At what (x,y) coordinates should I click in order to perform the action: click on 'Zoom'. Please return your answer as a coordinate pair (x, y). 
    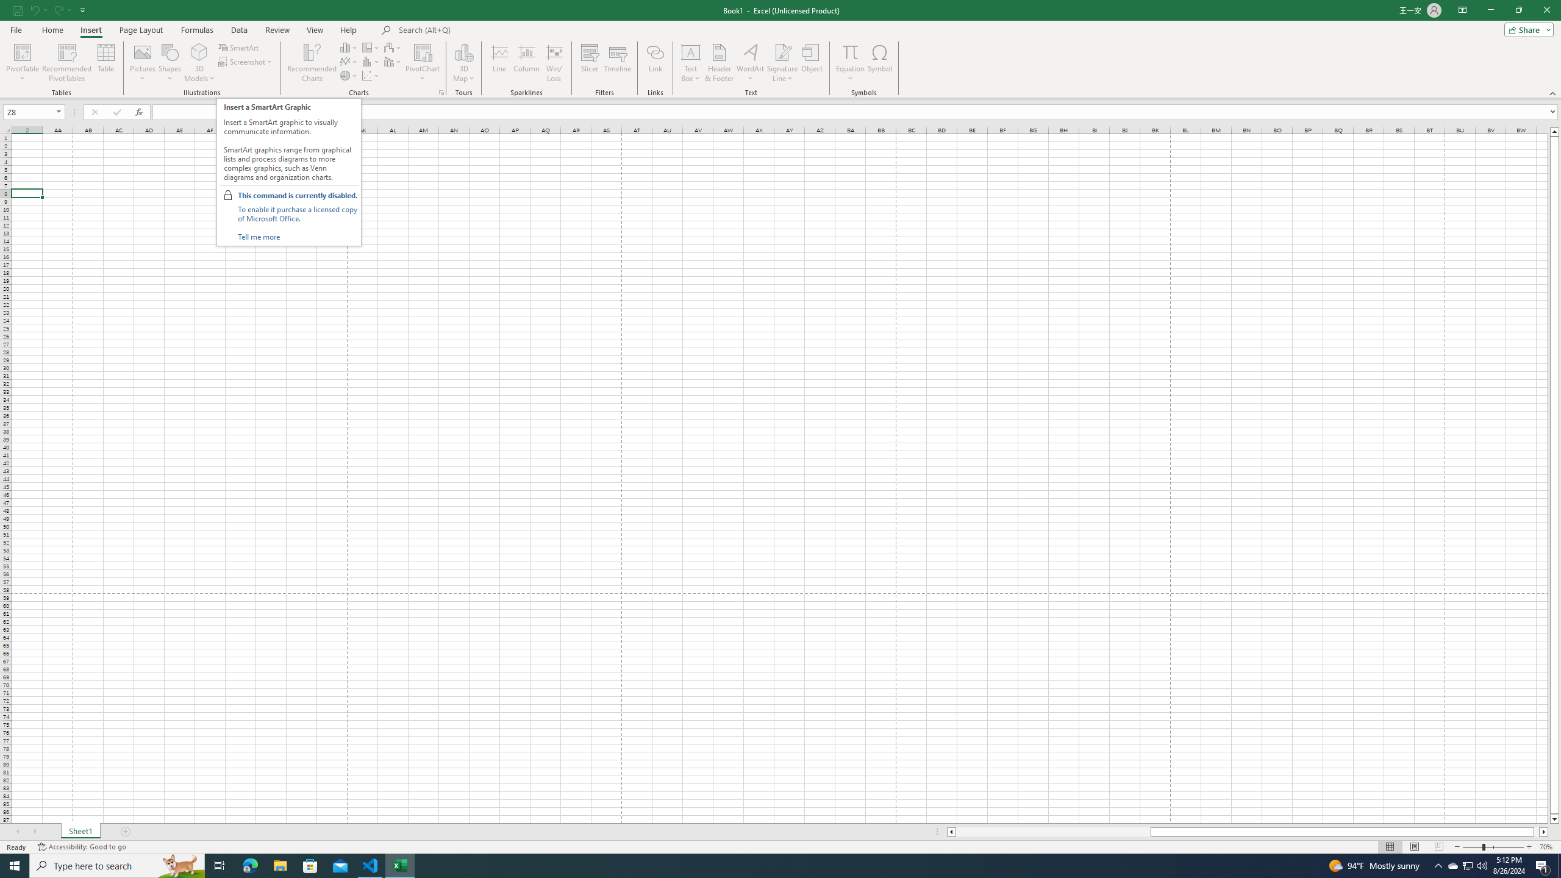
    Looking at the image, I should click on (1492, 847).